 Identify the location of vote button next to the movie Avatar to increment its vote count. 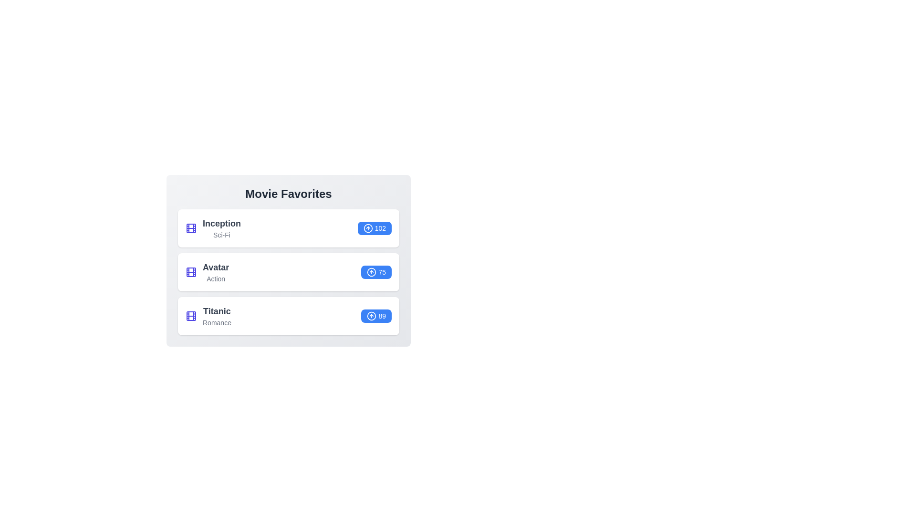
(376, 272).